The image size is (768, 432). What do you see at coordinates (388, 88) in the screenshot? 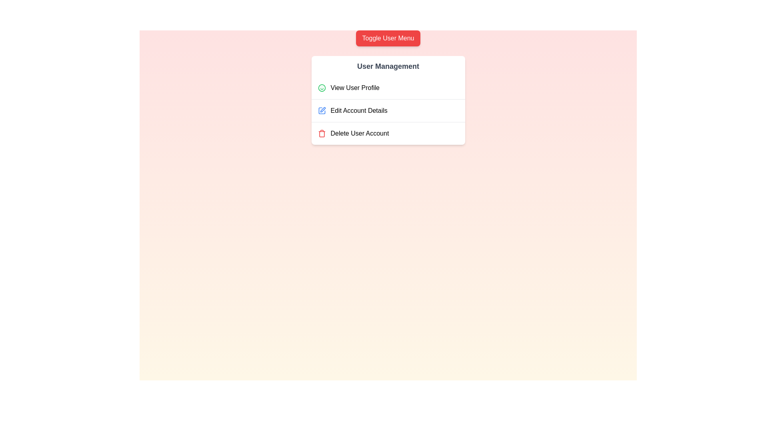
I see `the user action option View User Profile` at bounding box center [388, 88].